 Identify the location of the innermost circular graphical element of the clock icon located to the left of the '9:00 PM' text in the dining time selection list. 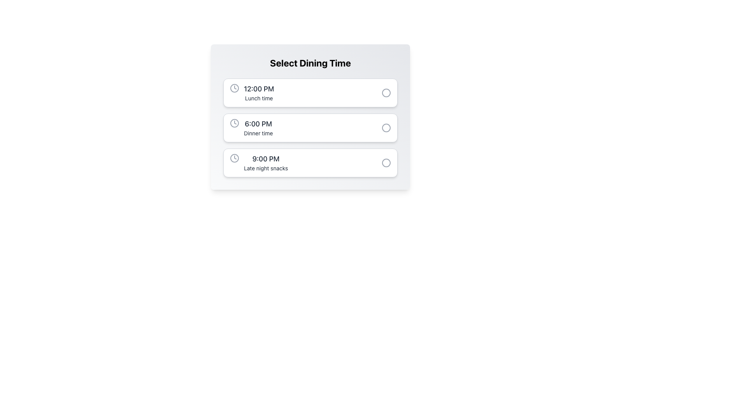
(234, 158).